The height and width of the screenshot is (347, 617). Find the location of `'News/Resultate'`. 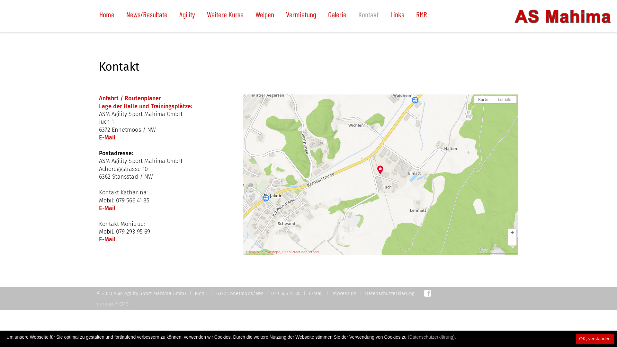

'News/Resultate' is located at coordinates (146, 16).